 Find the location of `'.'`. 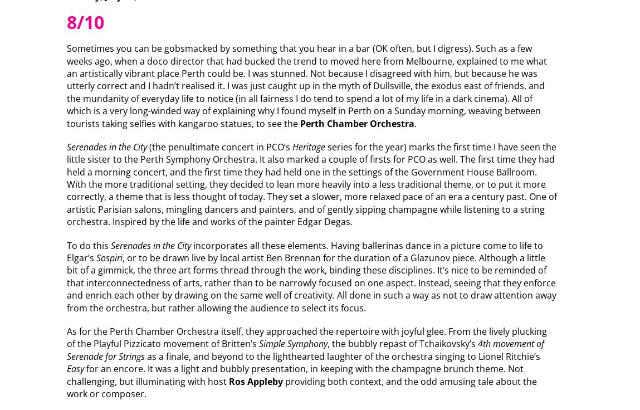

'.' is located at coordinates (415, 123).